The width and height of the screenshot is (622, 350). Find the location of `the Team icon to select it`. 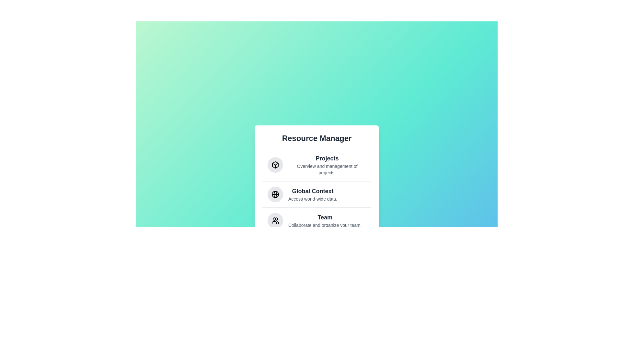

the Team icon to select it is located at coordinates (275, 220).